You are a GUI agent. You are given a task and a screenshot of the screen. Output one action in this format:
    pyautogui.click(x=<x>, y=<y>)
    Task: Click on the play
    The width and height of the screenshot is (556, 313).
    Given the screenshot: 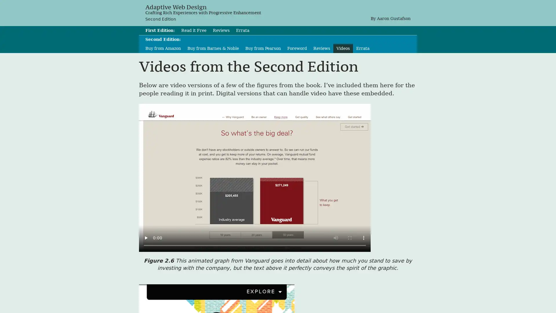 What is the action you would take?
    pyautogui.click(x=146, y=238)
    